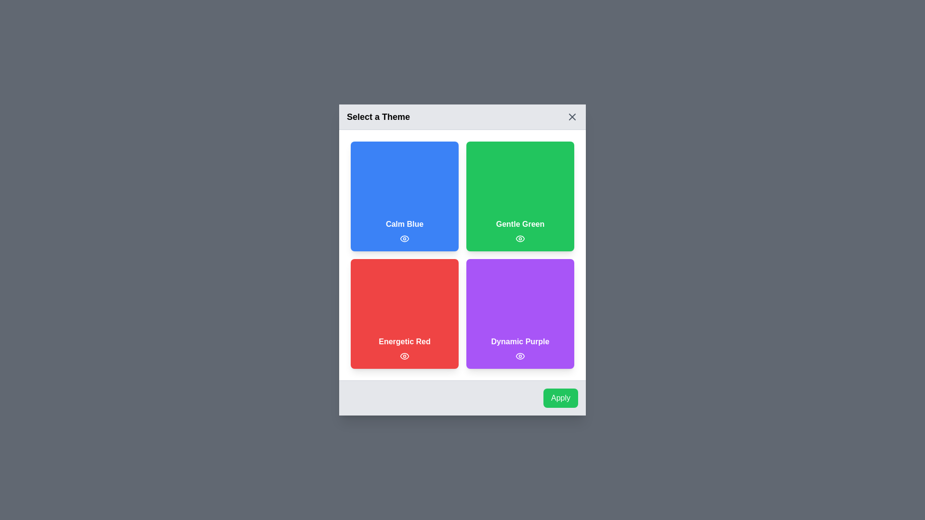 This screenshot has width=925, height=520. I want to click on the theme Calm Blue by clicking on its respective area, so click(405, 196).